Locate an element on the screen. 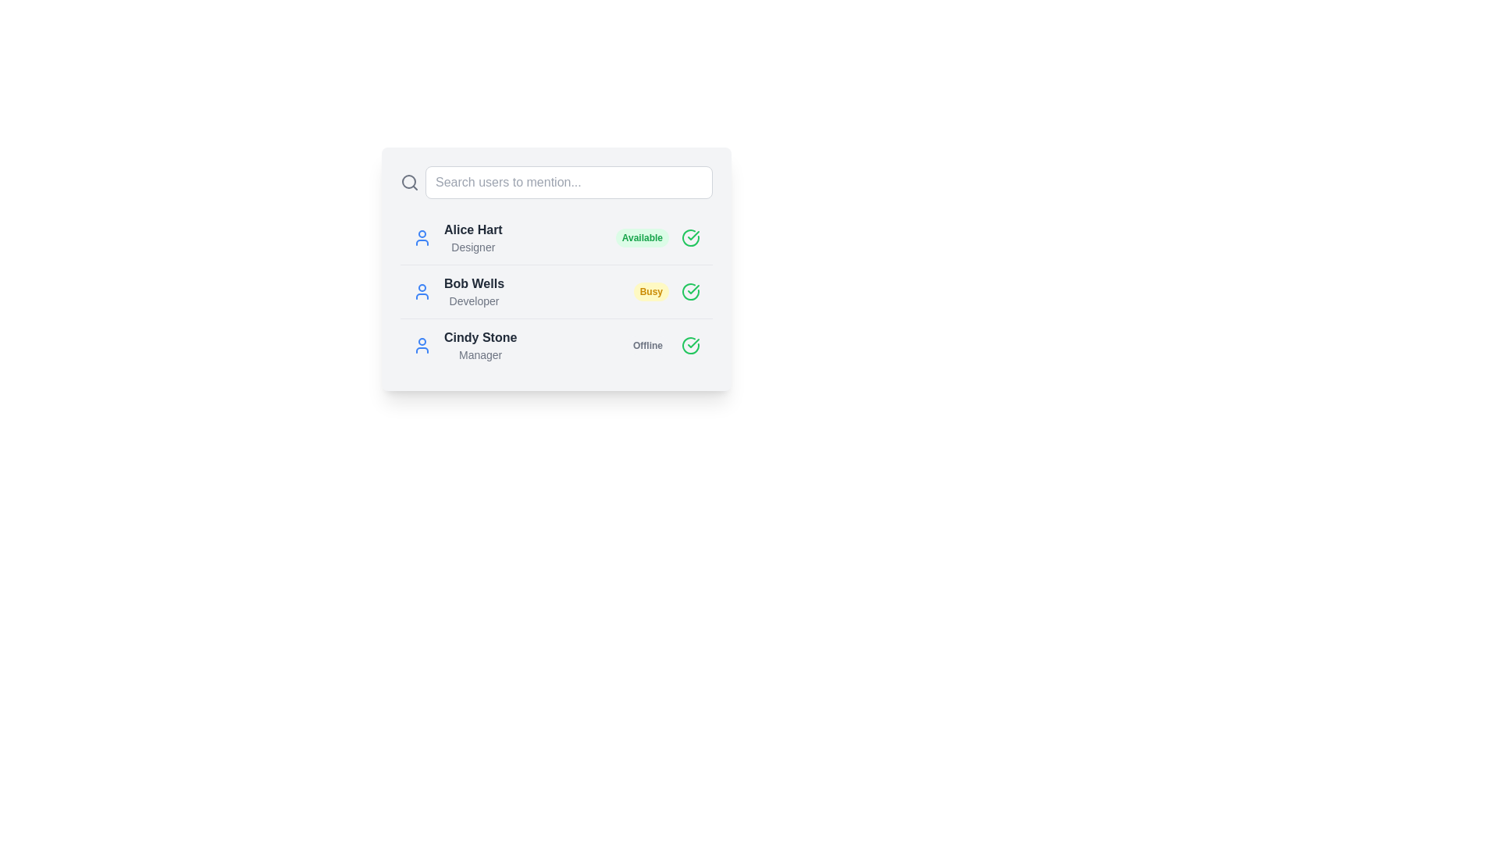 The height and width of the screenshot is (843, 1499). the text display that shows the user's name and professional role, located in the first row of the list-like interface, to the right of the blue user icon and above the green 'Available' status indicator is located at coordinates (472, 237).